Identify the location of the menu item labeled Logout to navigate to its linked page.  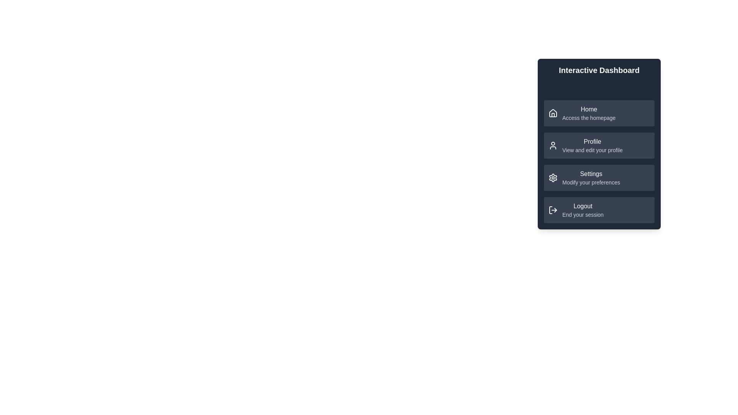
(599, 210).